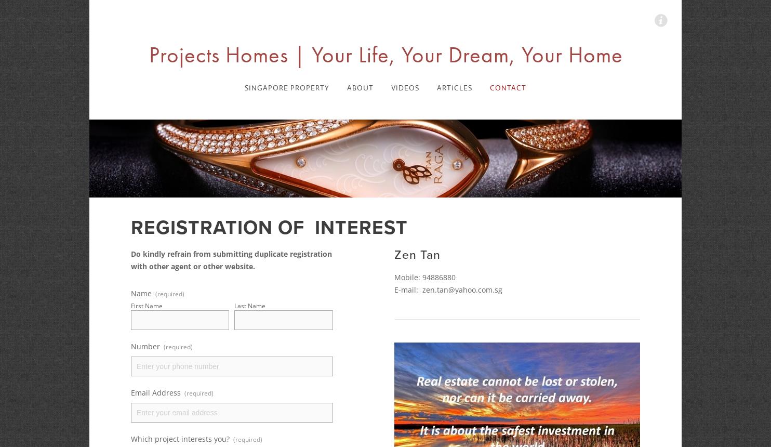 This screenshot has height=447, width=771. What do you see at coordinates (156, 392) in the screenshot?
I see `'Email Address'` at bounding box center [156, 392].